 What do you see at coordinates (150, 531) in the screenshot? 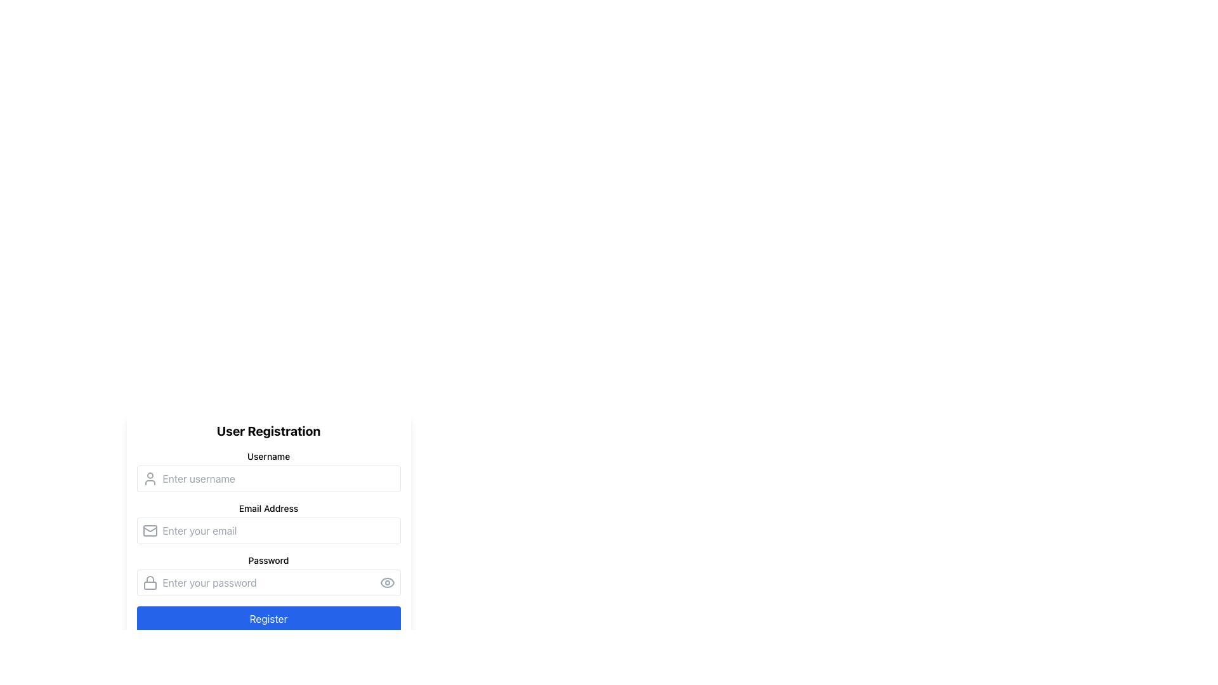
I see `the envelope icon located on the left side of the 'Enter your email' input field` at bounding box center [150, 531].